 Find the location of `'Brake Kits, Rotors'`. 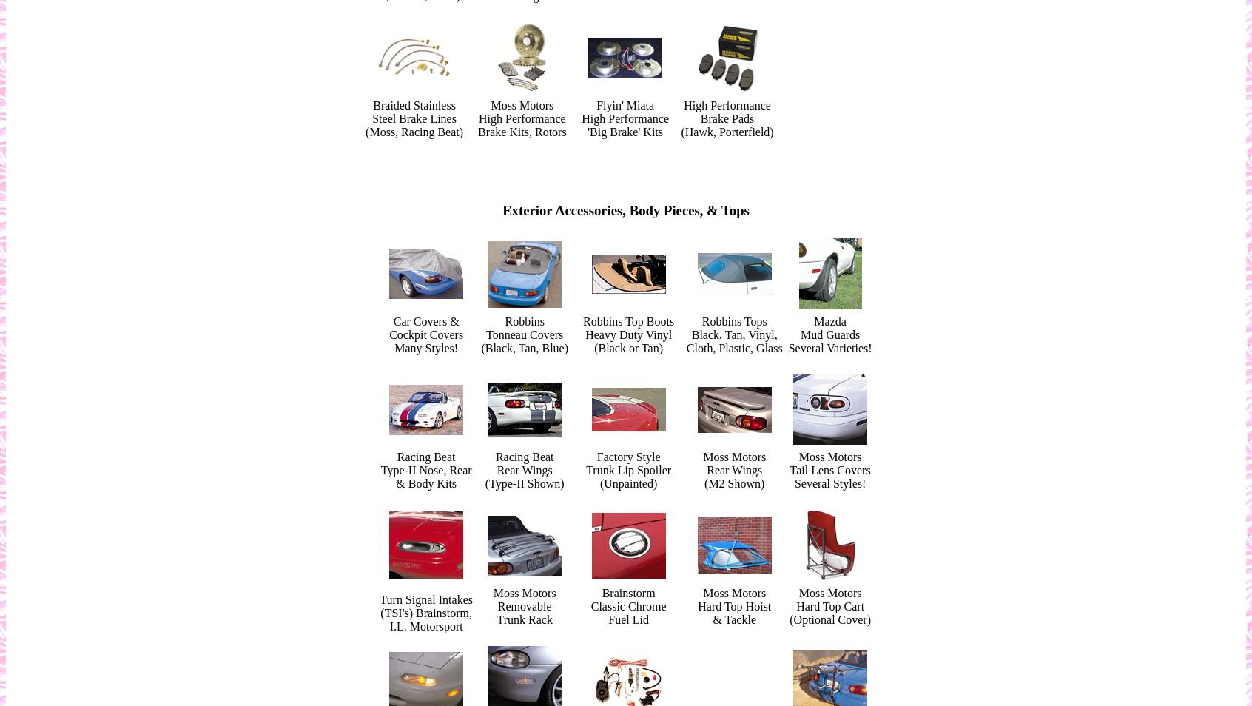

'Brake Kits, Rotors' is located at coordinates (478, 131).